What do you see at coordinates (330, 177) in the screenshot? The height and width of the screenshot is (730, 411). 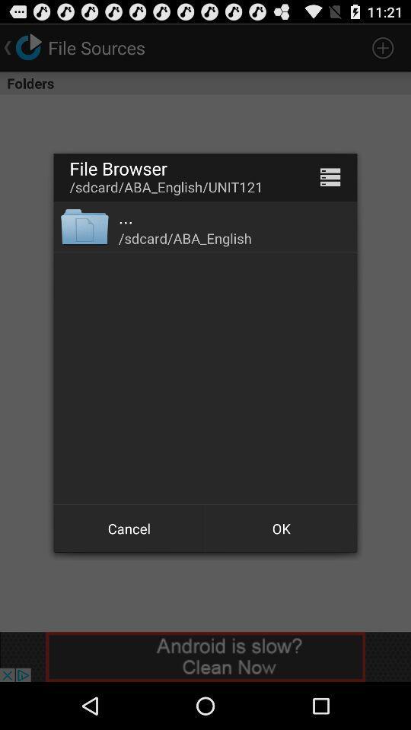 I see `the app next to /sdcard/aba_english/unit121` at bounding box center [330, 177].